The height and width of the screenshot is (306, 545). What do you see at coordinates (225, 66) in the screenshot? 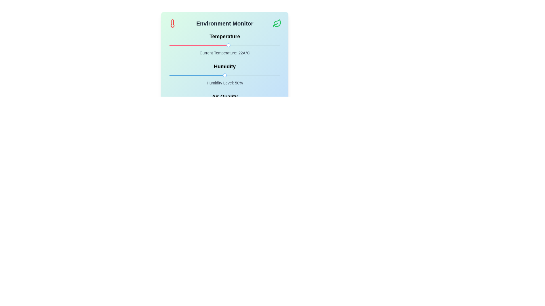
I see `the label indicating the humidity section, which is positioned above the slider component and displays 'Humidity Level: 50%' in the 'Environment Monitor' interface` at bounding box center [225, 66].